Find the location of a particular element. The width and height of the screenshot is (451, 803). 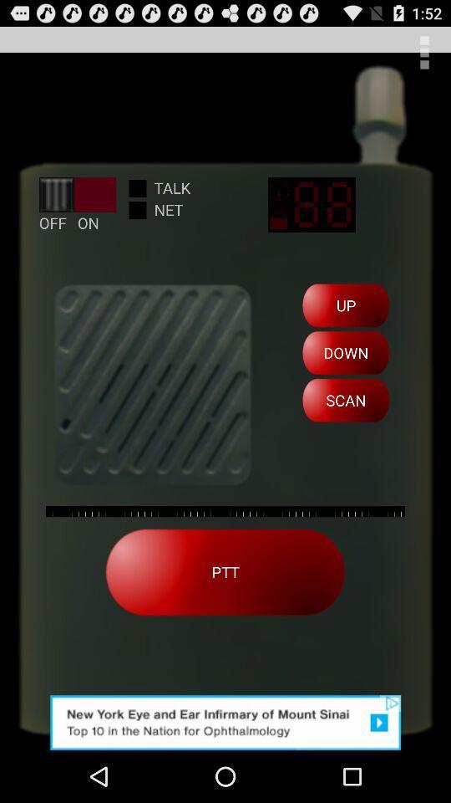

advertisement is located at coordinates (225, 722).